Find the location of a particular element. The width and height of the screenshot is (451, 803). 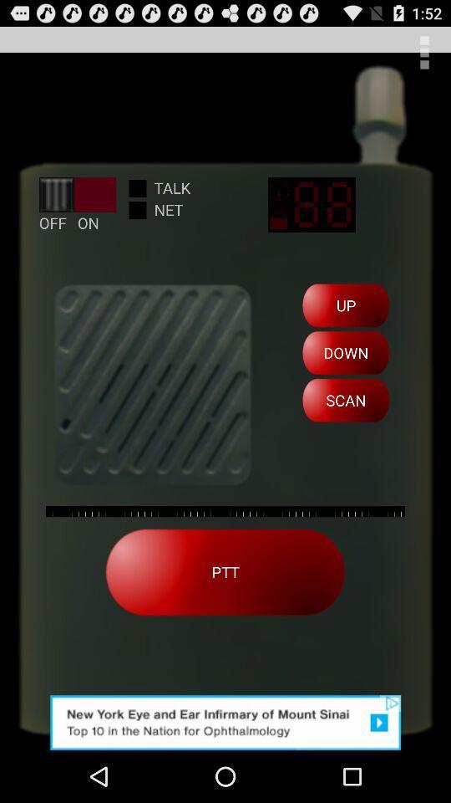

advertisement is located at coordinates (225, 722).